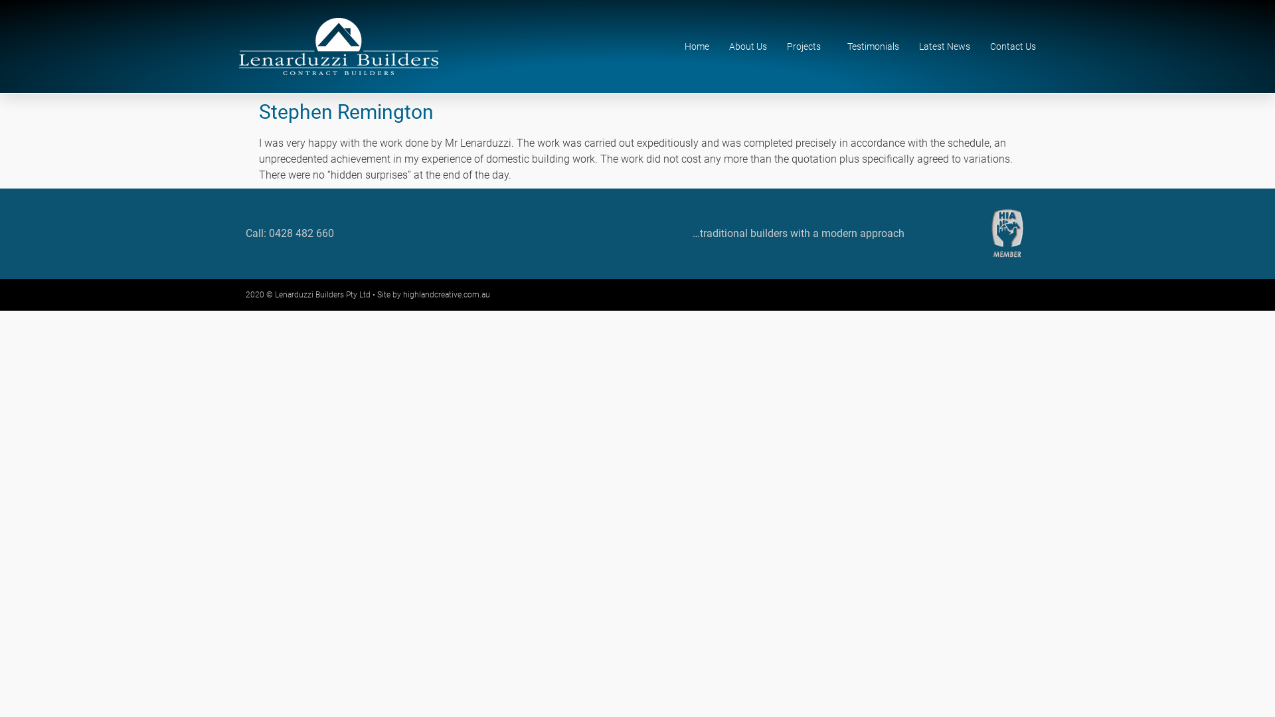 Image resolution: width=1275 pixels, height=717 pixels. What do you see at coordinates (696, 45) in the screenshot?
I see `'Home'` at bounding box center [696, 45].